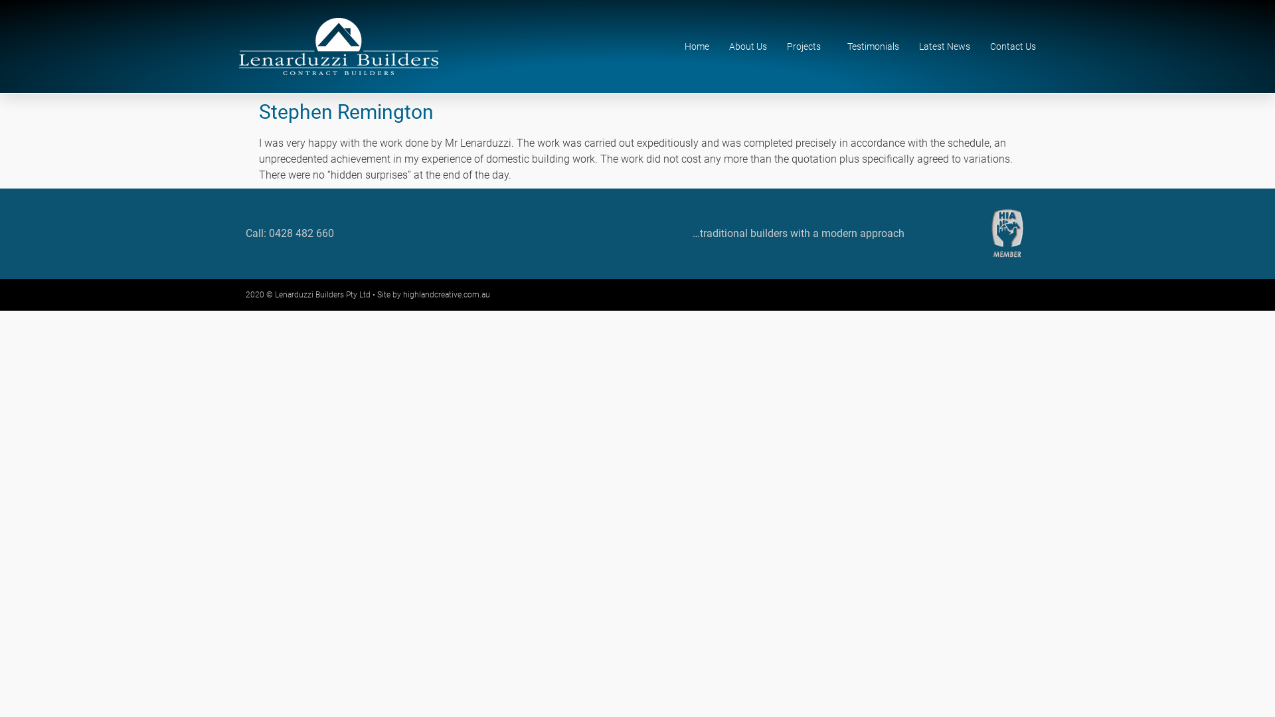 Image resolution: width=1275 pixels, height=717 pixels. What do you see at coordinates (696, 45) in the screenshot?
I see `'Home'` at bounding box center [696, 45].